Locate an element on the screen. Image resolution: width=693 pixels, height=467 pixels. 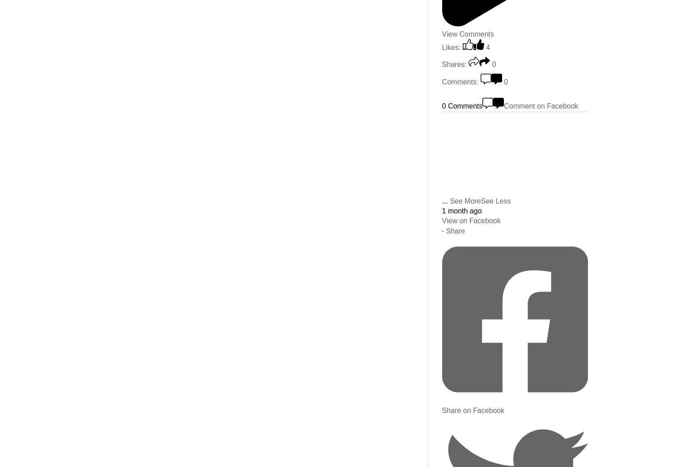
'Shares:' is located at coordinates (454, 64).